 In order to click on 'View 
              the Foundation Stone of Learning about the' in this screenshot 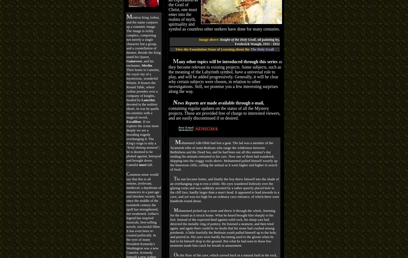, I will do `click(212, 49)`.